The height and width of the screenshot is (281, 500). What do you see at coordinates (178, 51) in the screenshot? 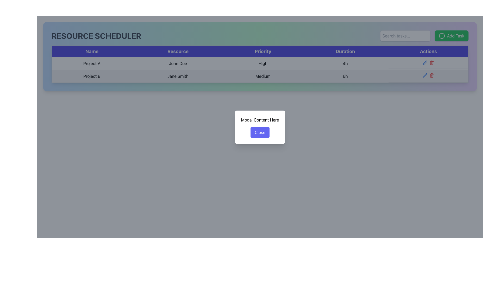
I see `the 'Resource' column header text label, which is located in the second column of a 5-column header row in a table-like UI, between 'Name' and 'Priority'` at bounding box center [178, 51].